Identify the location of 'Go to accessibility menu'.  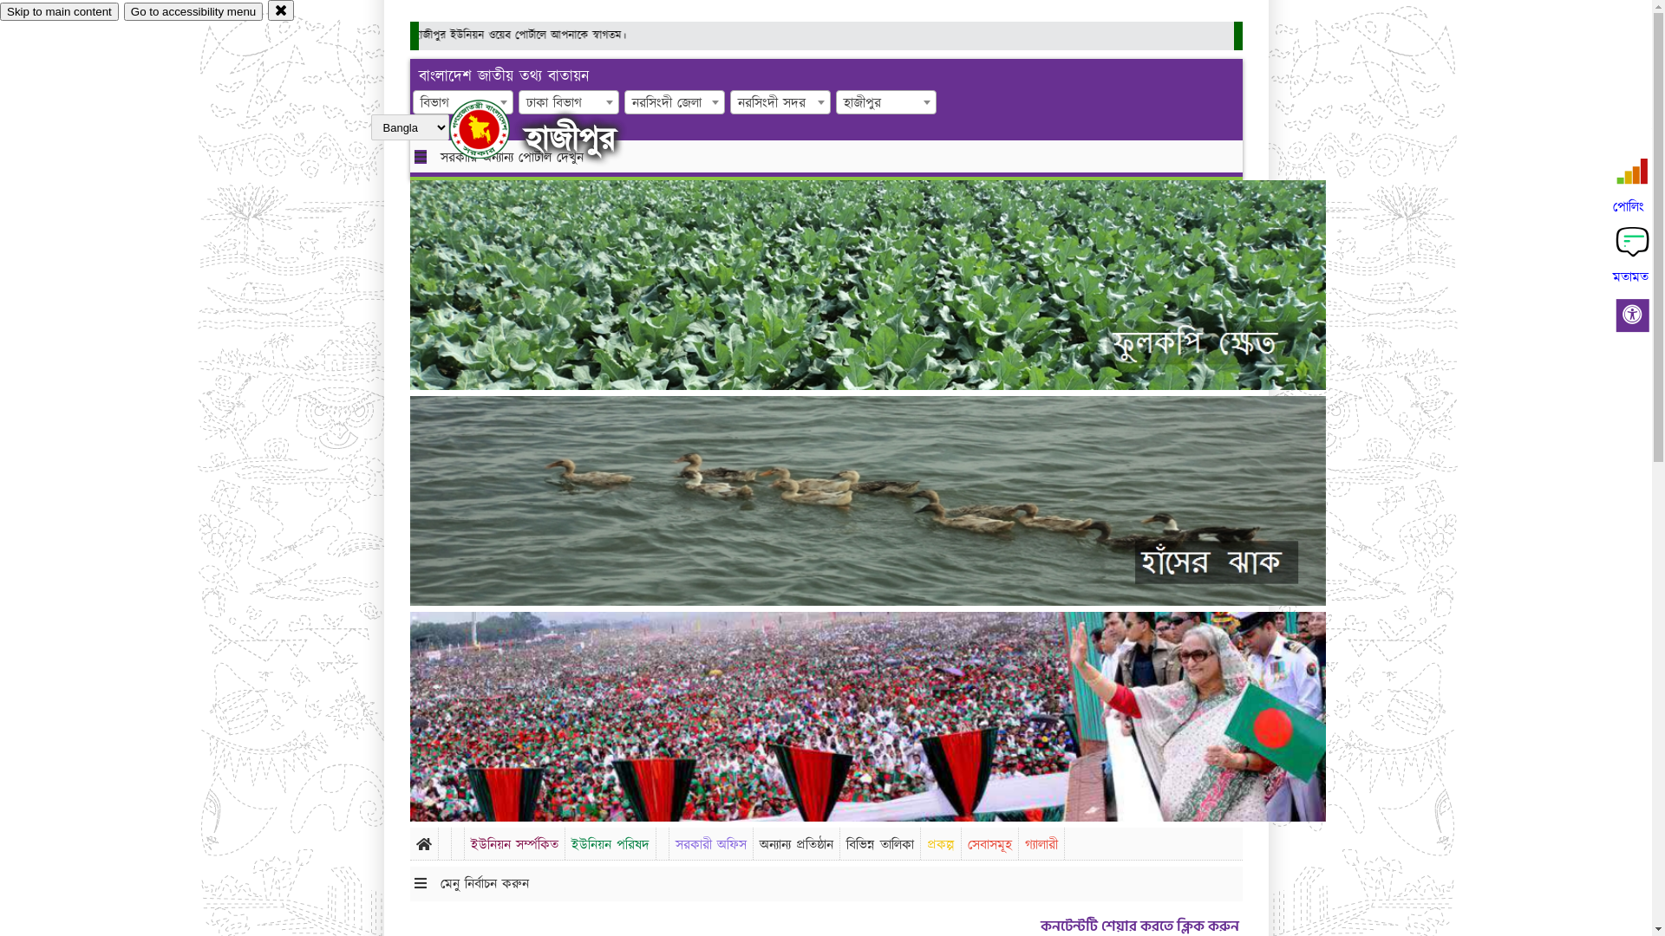
(193, 11).